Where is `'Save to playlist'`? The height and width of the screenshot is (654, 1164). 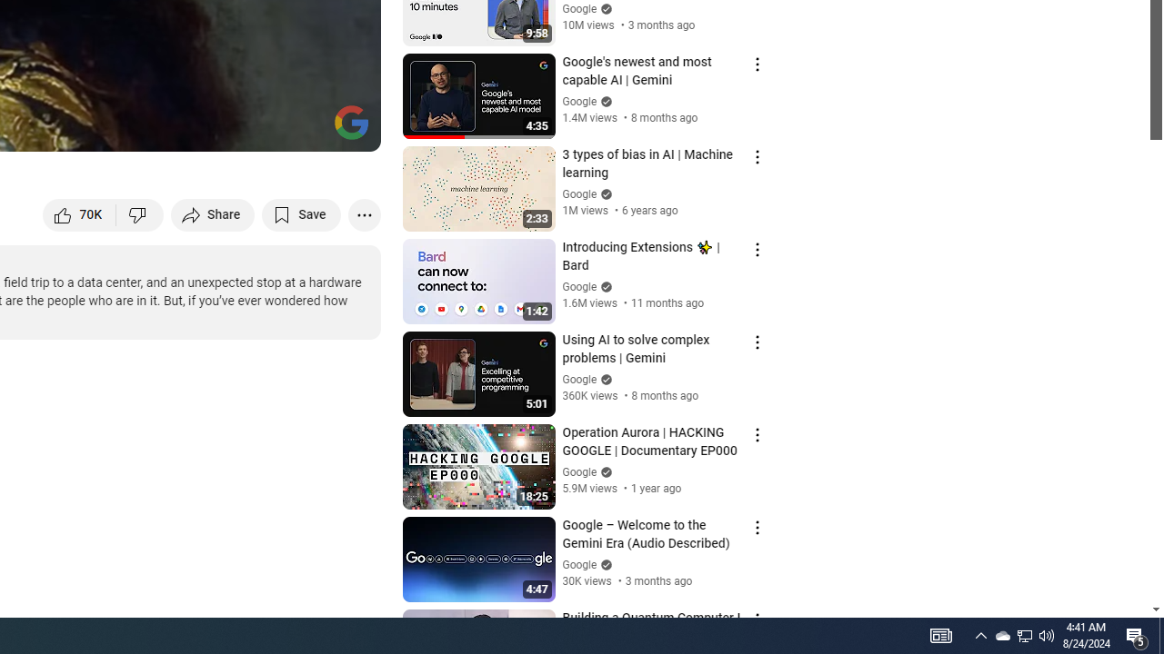
'Save to playlist' is located at coordinates (301, 213).